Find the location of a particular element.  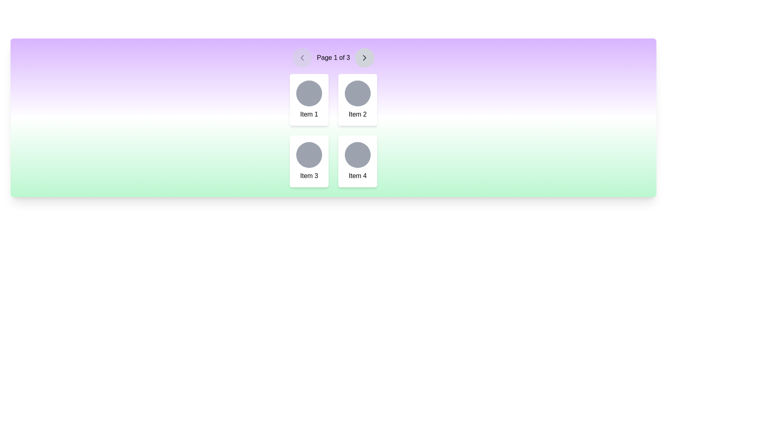

the decorative circular element with a gray background located within the card labeled 'Item 3' is located at coordinates (308, 155).